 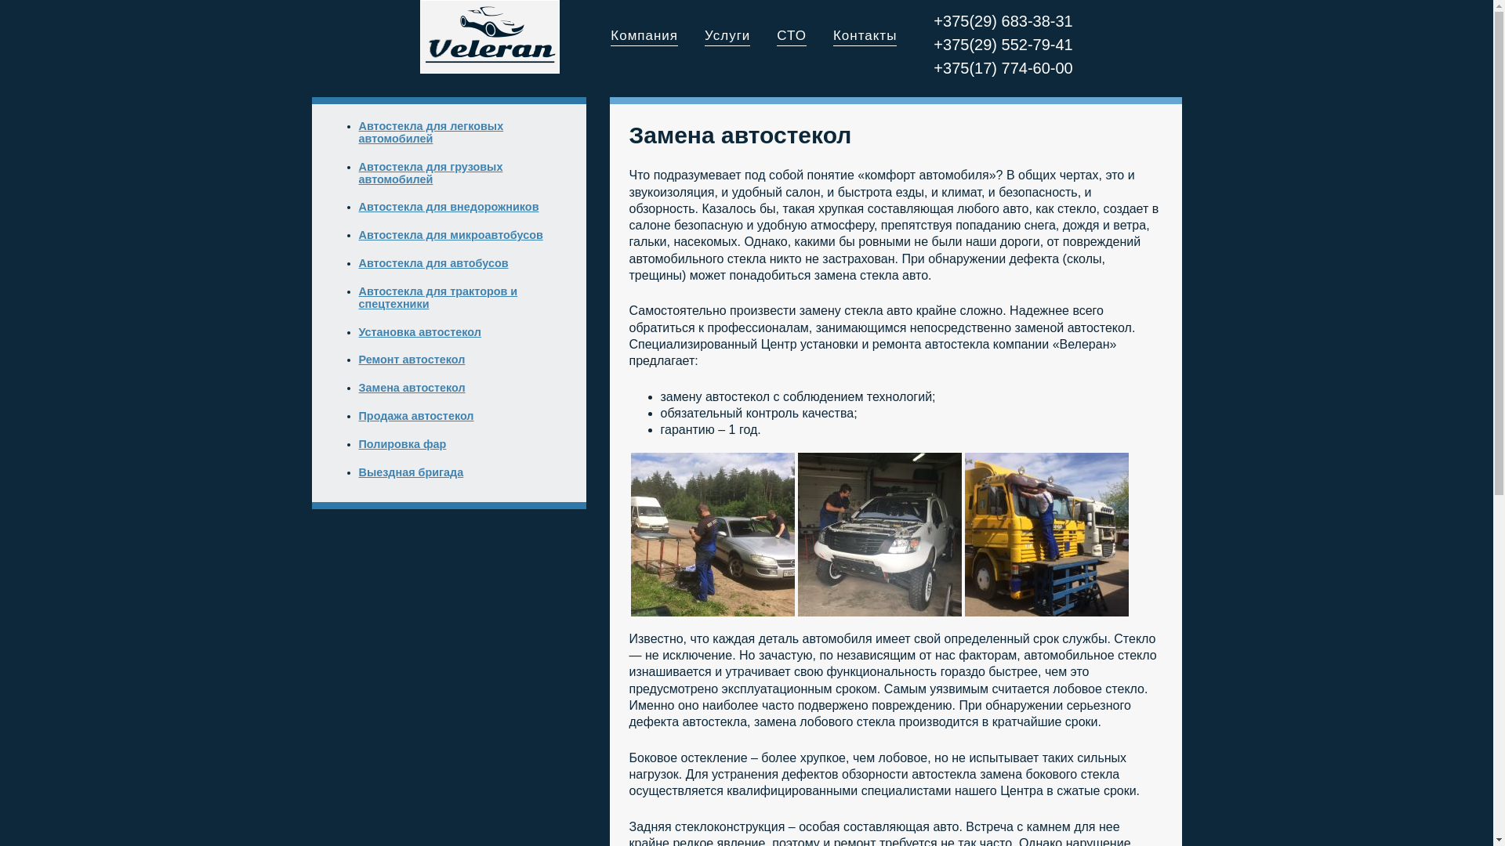 I want to click on '+375(17) 774-60-00', so click(x=1002, y=67).